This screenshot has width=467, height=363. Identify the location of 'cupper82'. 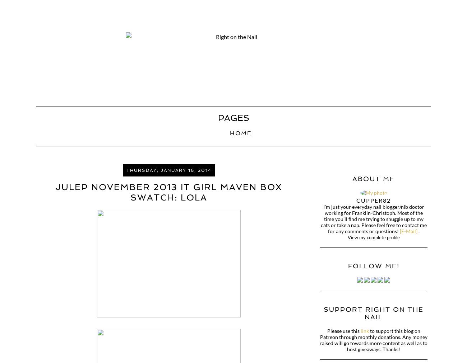
(374, 200).